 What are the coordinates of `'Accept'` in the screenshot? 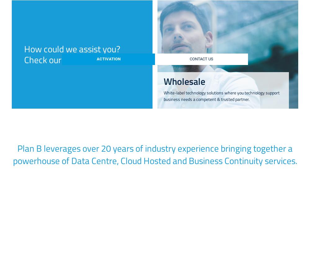 It's located at (259, 147).